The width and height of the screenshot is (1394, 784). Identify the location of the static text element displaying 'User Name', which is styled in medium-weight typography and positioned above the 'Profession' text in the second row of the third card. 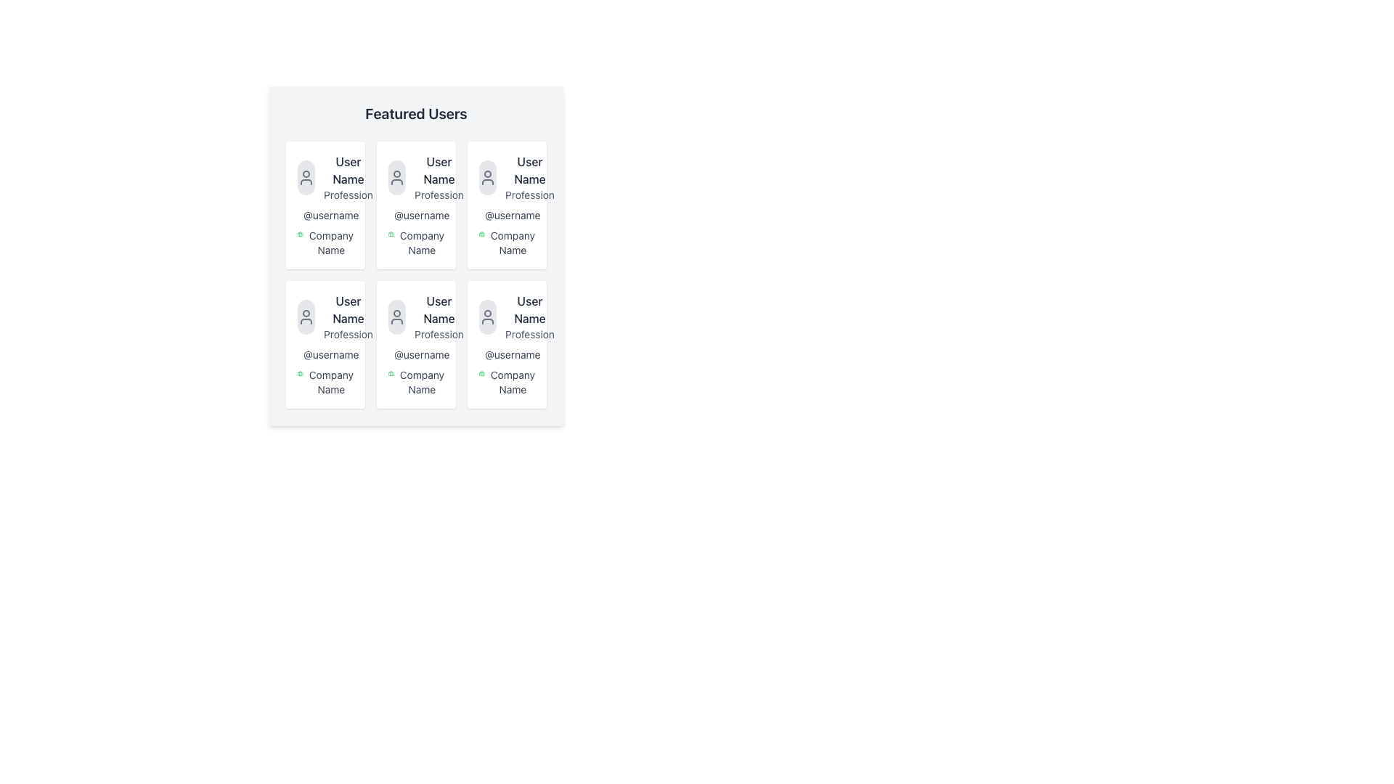
(348, 309).